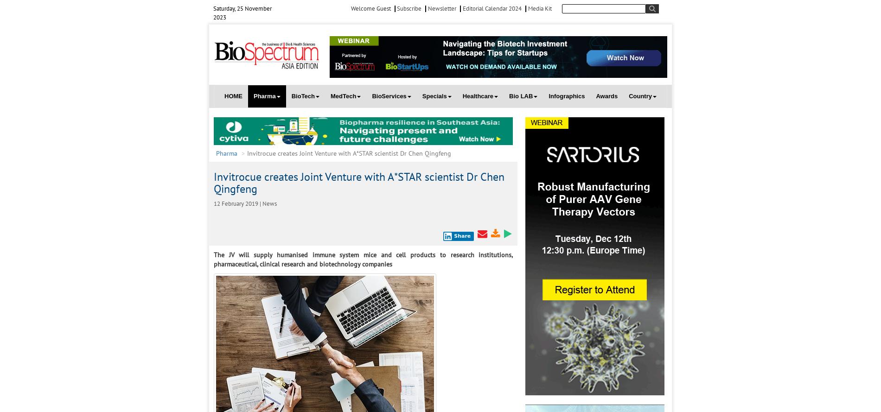 The image size is (881, 412). Describe the element at coordinates (408, 8) in the screenshot. I see `'Subscribe'` at that location.